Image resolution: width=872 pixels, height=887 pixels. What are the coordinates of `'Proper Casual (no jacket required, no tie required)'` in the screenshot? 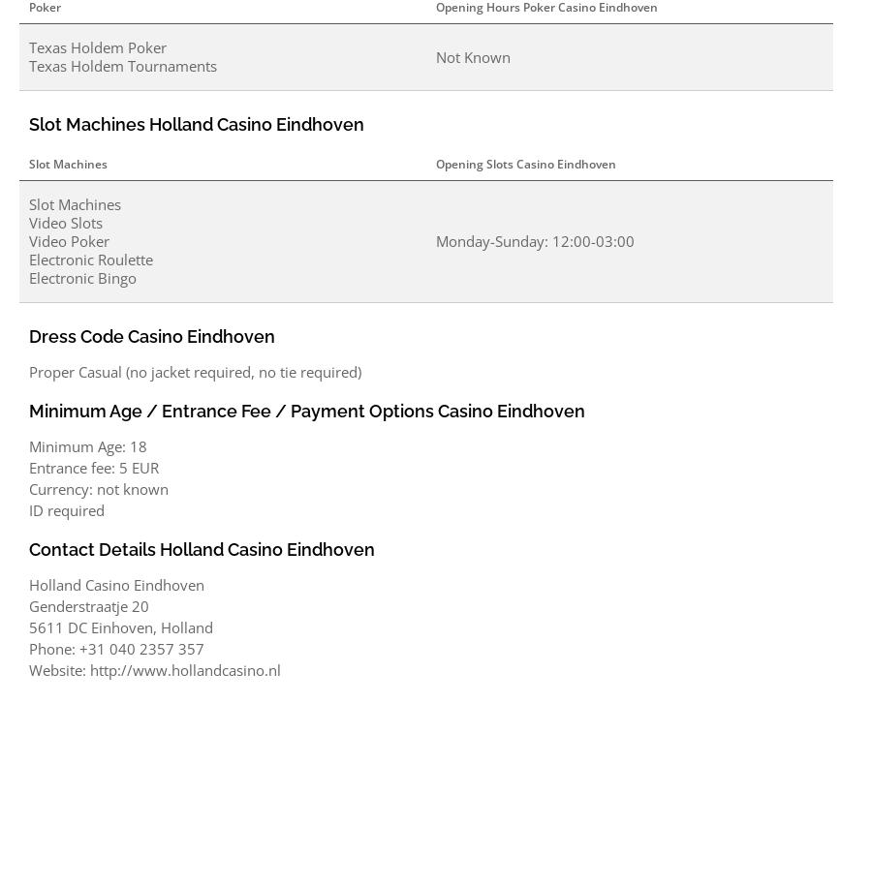 It's located at (195, 371).